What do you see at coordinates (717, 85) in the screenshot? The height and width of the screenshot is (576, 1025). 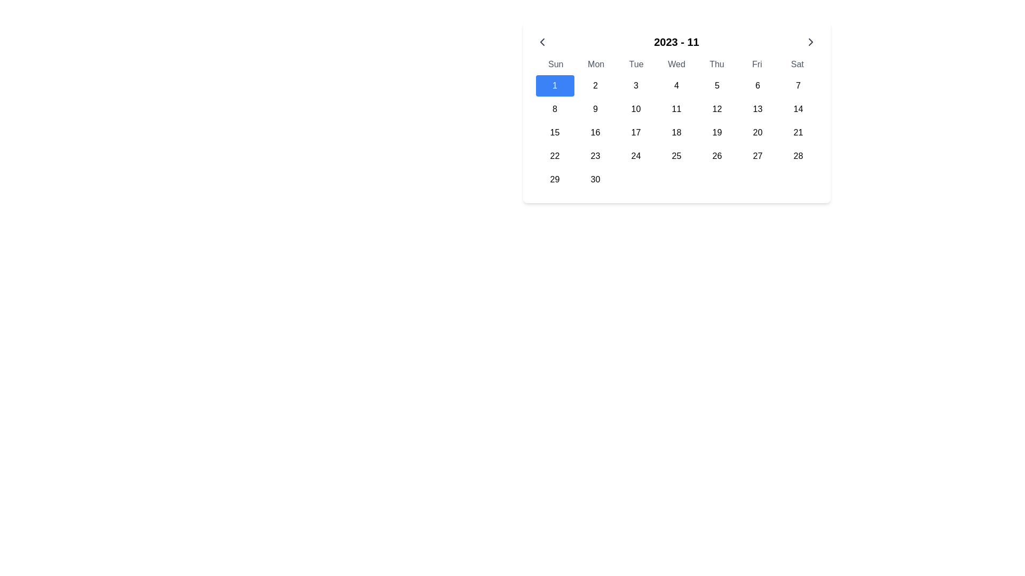 I see `the rectangular button representing the number '5' with a white background and rounded corners` at bounding box center [717, 85].